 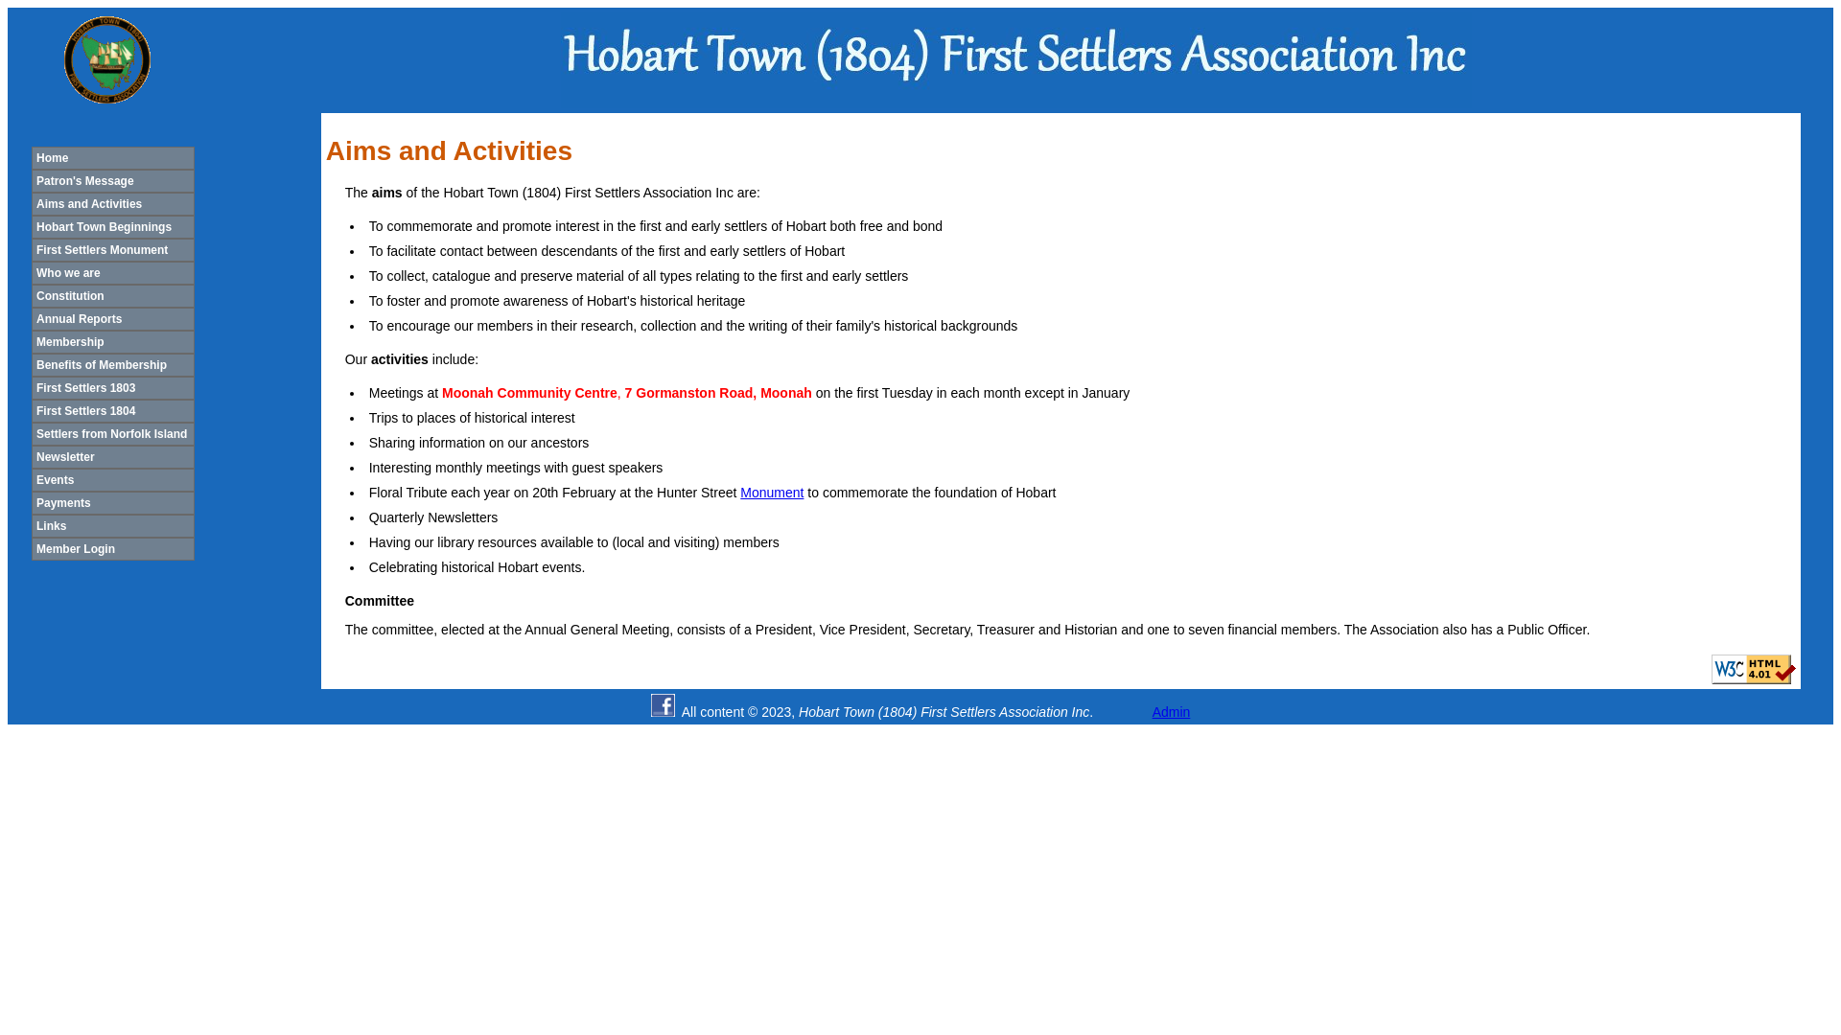 I want to click on 'First Settlers 1804', so click(x=112, y=409).